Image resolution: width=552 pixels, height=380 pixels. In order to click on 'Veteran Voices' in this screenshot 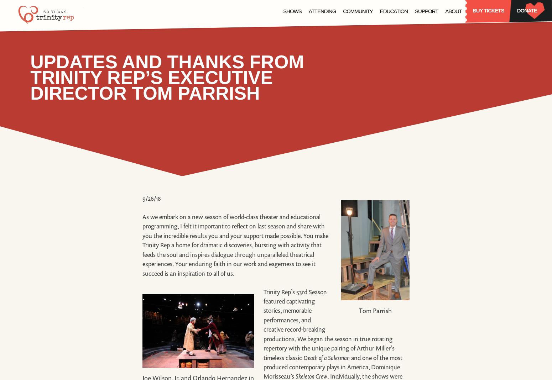, I will do `click(324, 54)`.